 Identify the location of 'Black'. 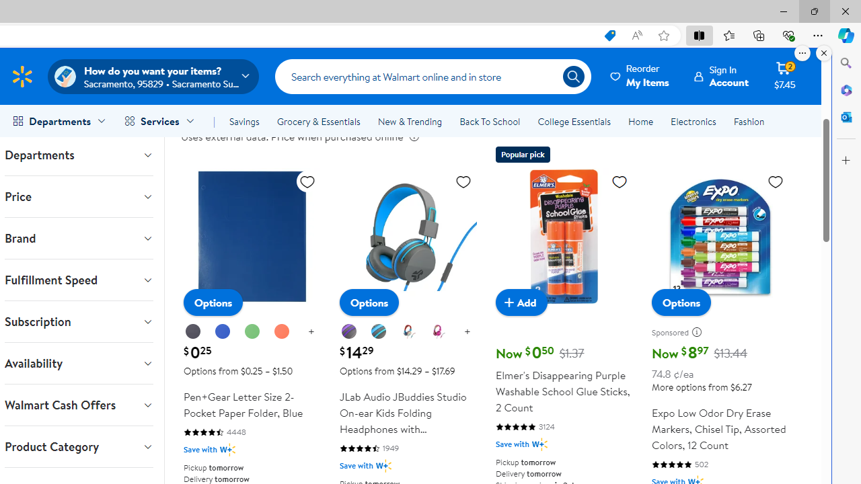
(192, 331).